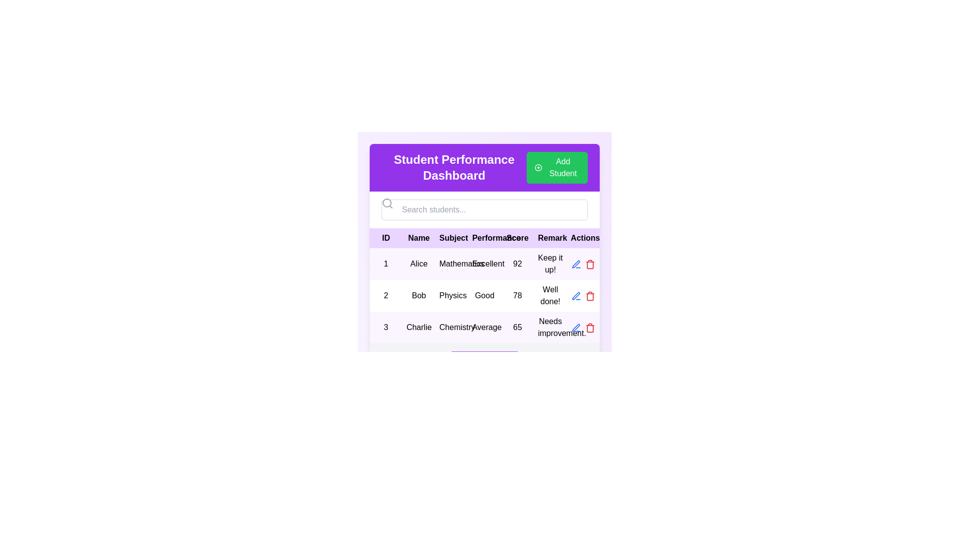 The width and height of the screenshot is (954, 536). What do you see at coordinates (590, 295) in the screenshot?
I see `the small red trash can icon in the 'Actions' column of the second row` at bounding box center [590, 295].